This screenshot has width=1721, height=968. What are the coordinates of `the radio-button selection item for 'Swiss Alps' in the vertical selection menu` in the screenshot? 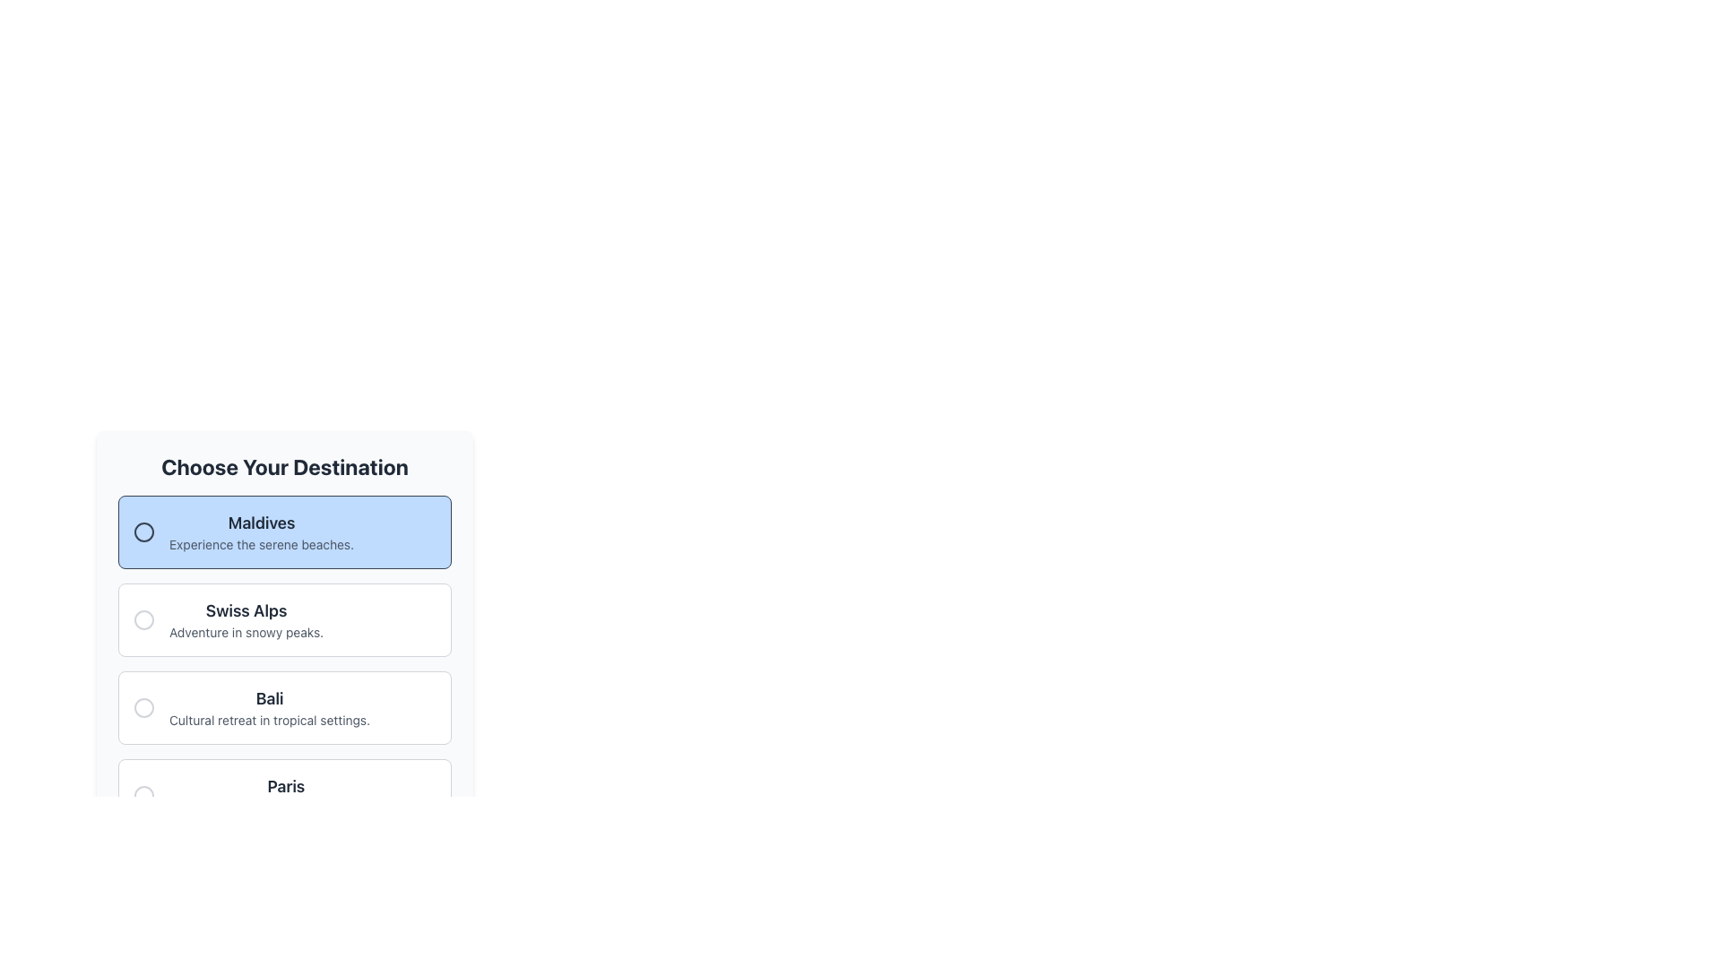 It's located at (283, 642).